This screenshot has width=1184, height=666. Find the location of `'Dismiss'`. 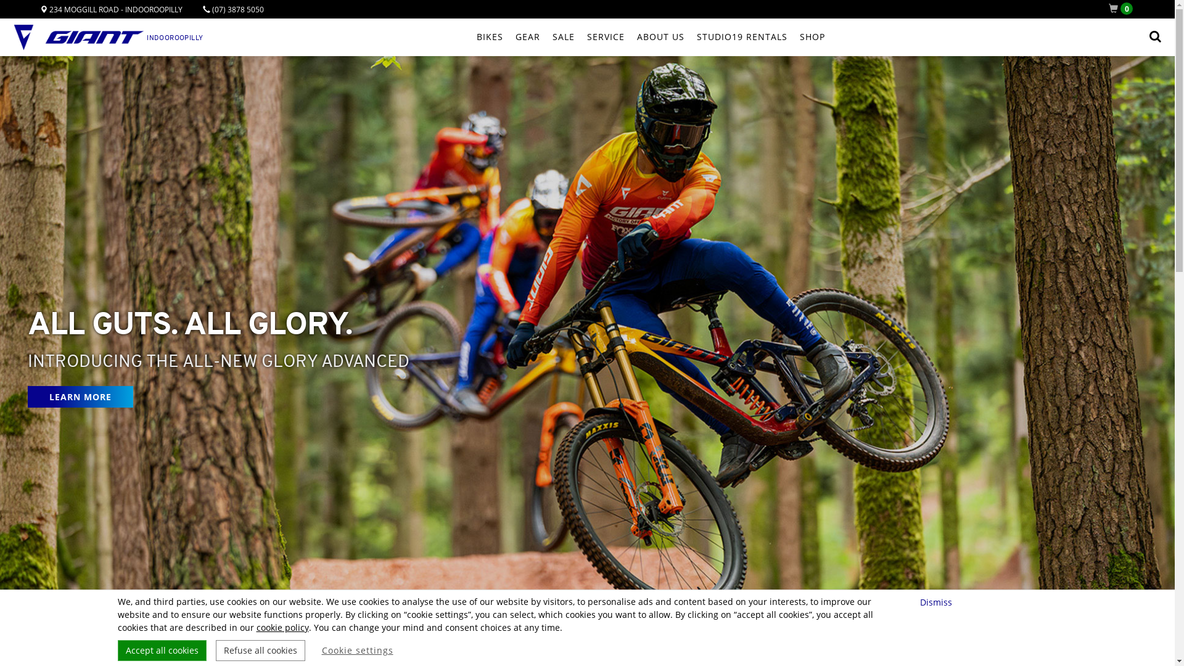

'Dismiss' is located at coordinates (937, 601).